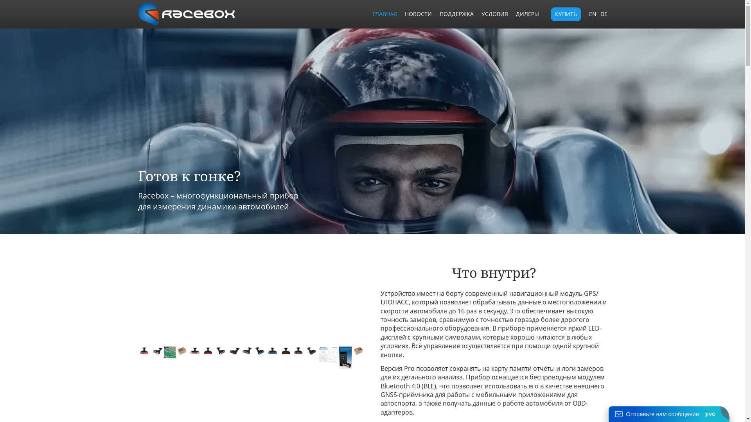  What do you see at coordinates (603, 14) in the screenshot?
I see `'DE'` at bounding box center [603, 14].